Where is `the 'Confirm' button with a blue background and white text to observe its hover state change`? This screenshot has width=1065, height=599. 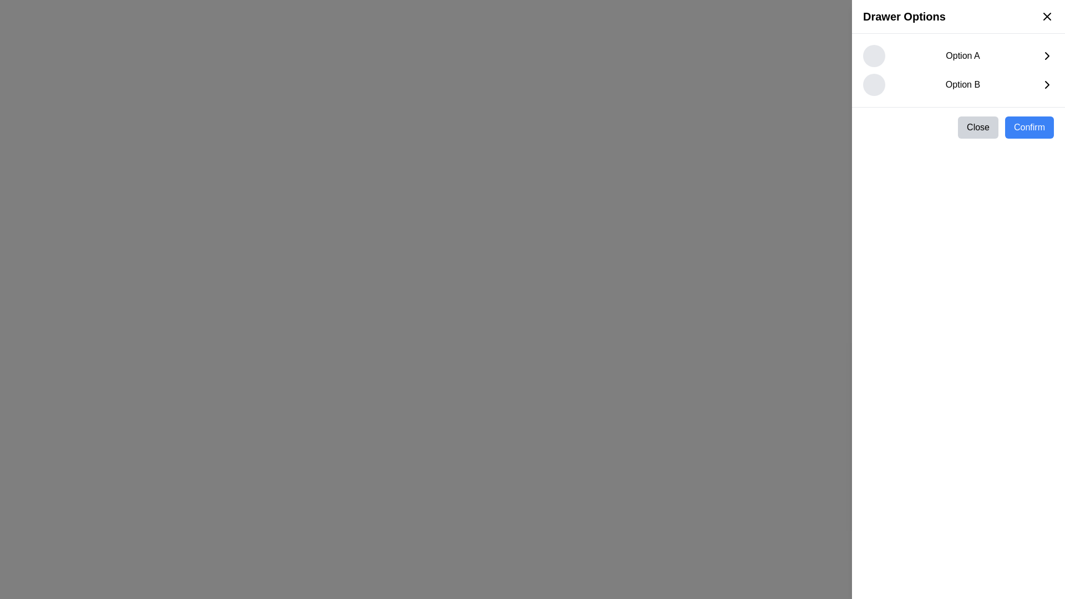 the 'Confirm' button with a blue background and white text to observe its hover state change is located at coordinates (1029, 127).